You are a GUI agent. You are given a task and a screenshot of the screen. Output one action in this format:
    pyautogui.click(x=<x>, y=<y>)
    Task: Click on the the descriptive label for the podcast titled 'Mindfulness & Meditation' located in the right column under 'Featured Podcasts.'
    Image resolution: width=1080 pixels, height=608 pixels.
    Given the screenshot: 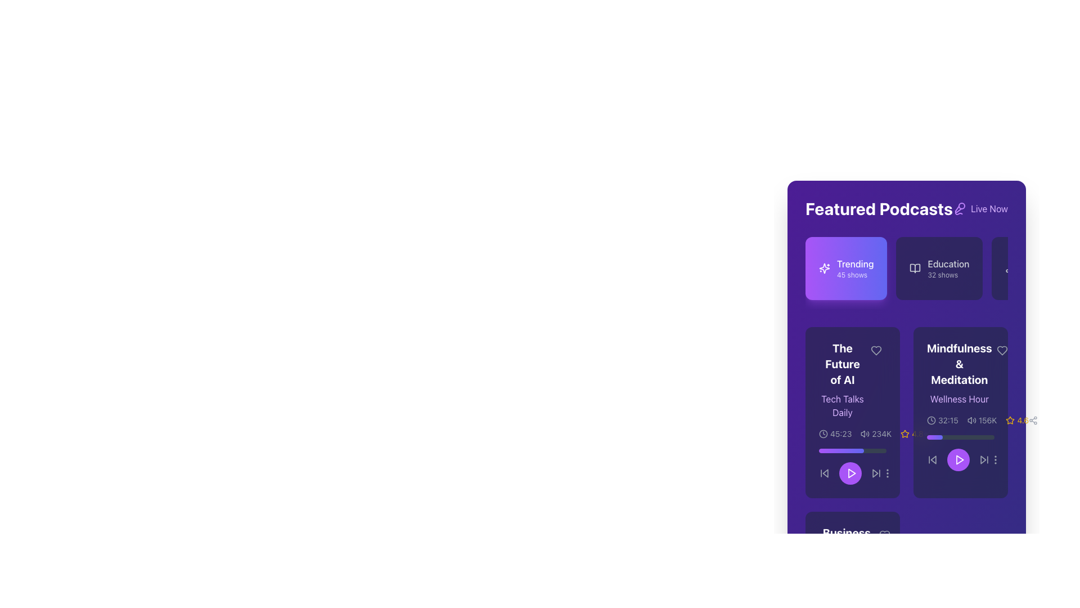 What is the action you would take?
    pyautogui.click(x=958, y=373)
    